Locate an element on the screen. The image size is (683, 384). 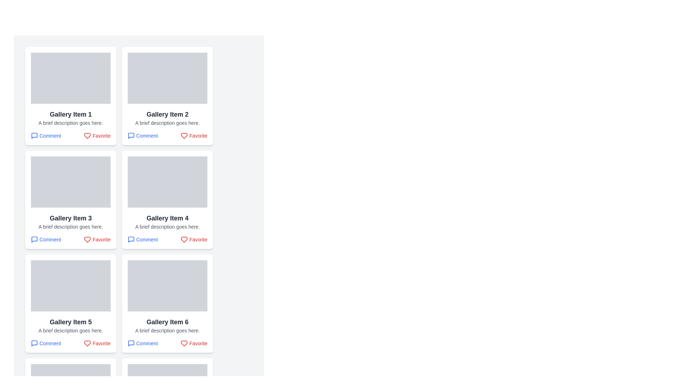
the 'Comment' icon located in the bottom section of 'Gallery Item 5' card to visually emphasize the comment functionality is located at coordinates (34, 343).